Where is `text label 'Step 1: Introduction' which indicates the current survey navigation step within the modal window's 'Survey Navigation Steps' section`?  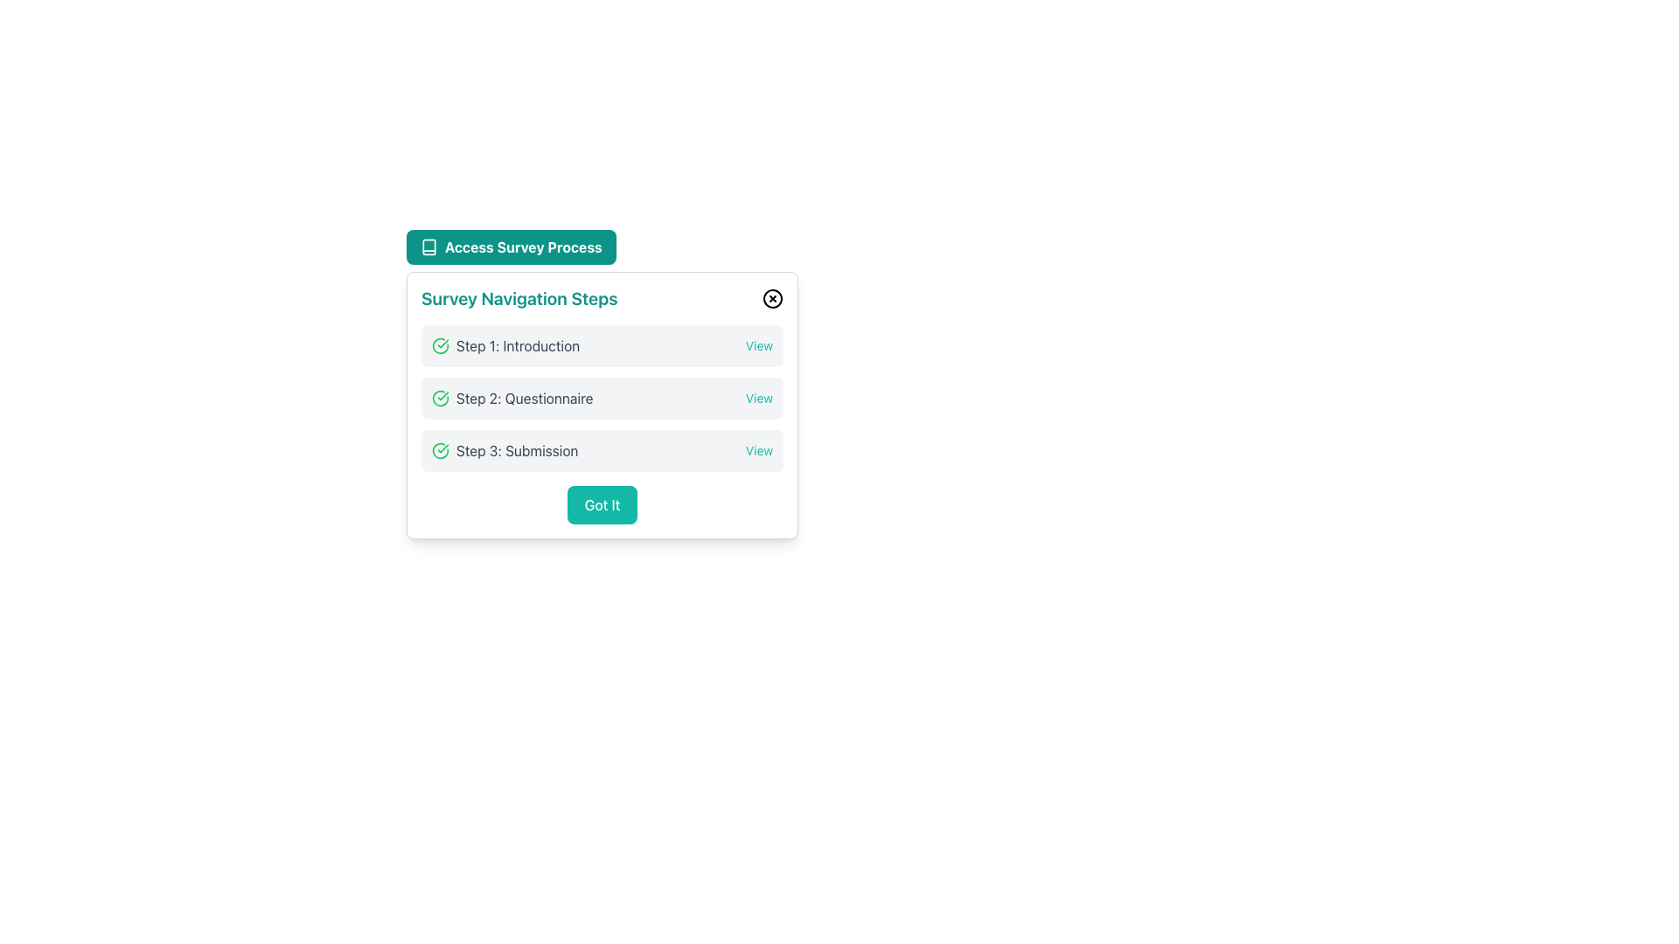 text label 'Step 1: Introduction' which indicates the current survey navigation step within the modal window's 'Survey Navigation Steps' section is located at coordinates (517, 346).